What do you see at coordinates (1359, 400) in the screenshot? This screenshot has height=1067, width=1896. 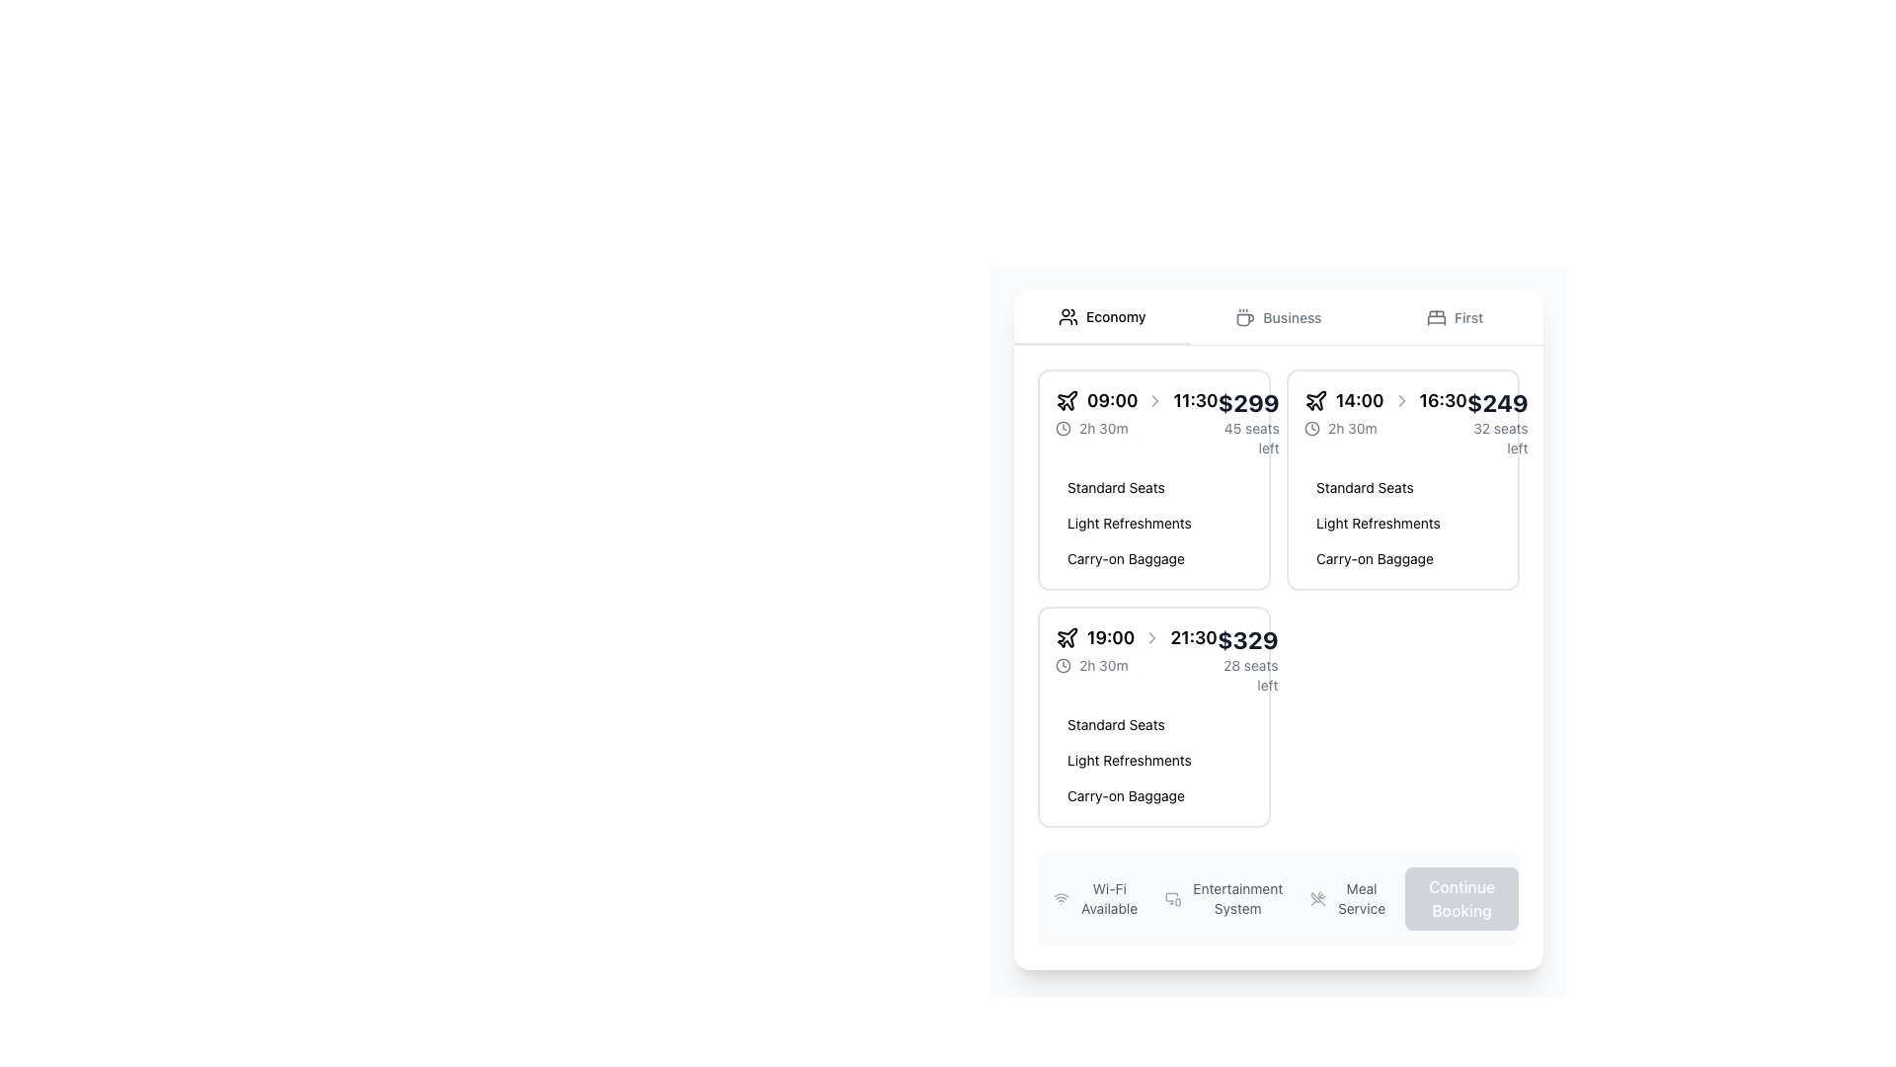 I see `text of the text label displaying '14:00' in a bold and serif-styled font, which is part of a time range indicator located in the top-right quadrant of the interface` at bounding box center [1359, 400].